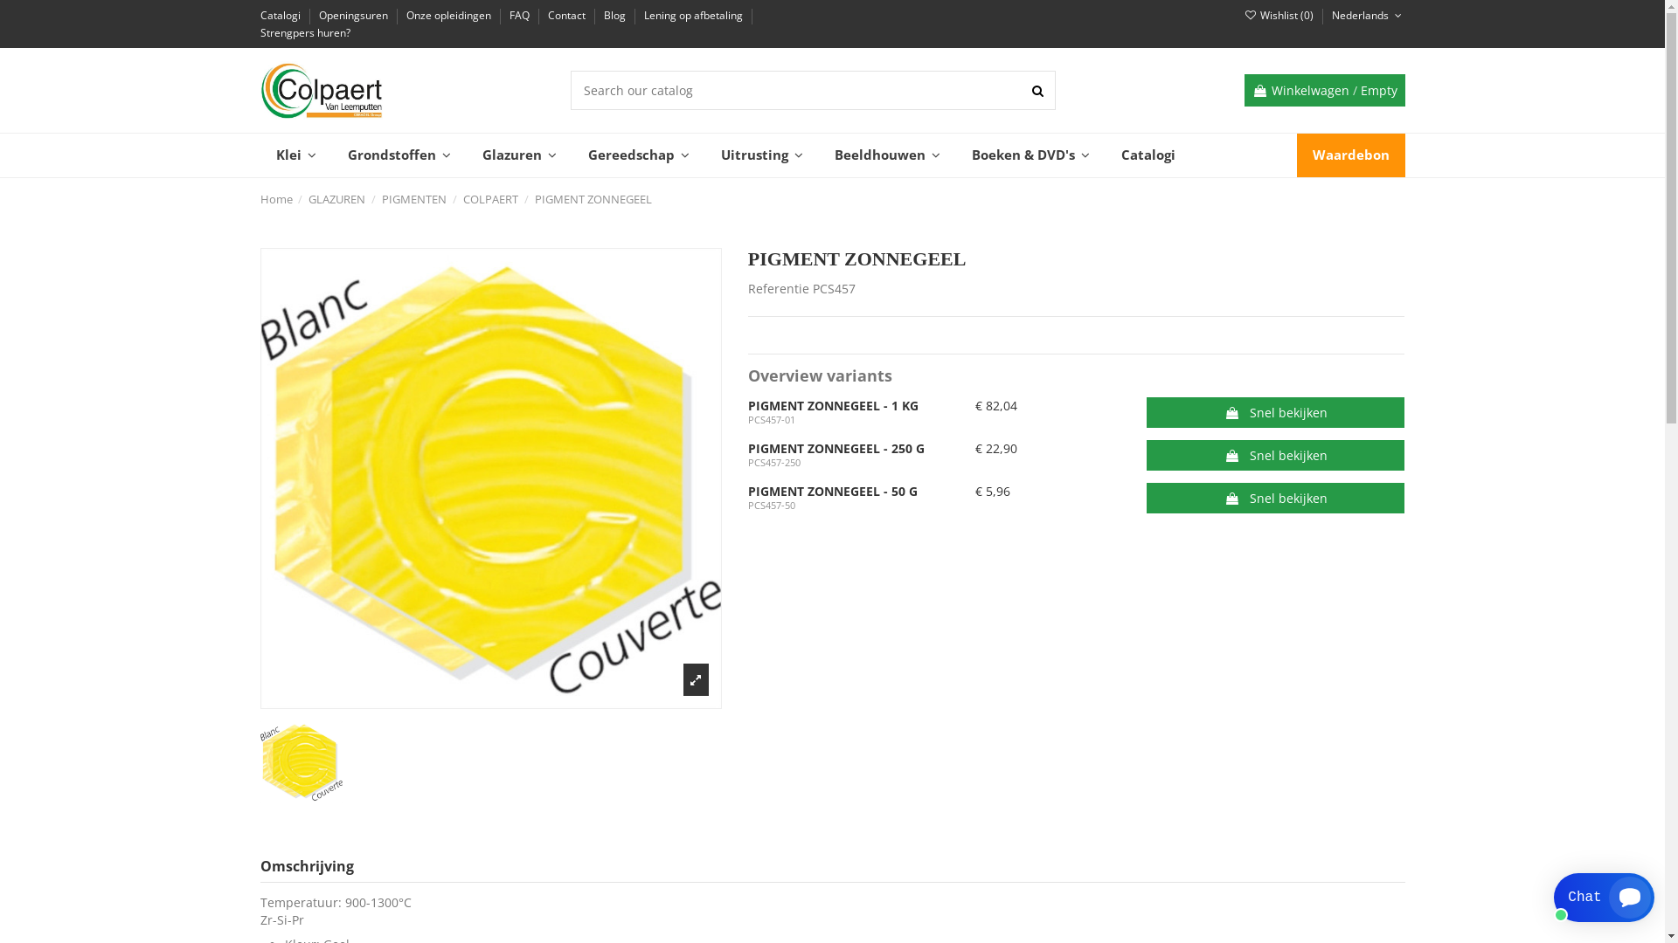 Image resolution: width=1678 pixels, height=943 pixels. Describe the element at coordinates (259, 154) in the screenshot. I see `'Klei'` at that location.